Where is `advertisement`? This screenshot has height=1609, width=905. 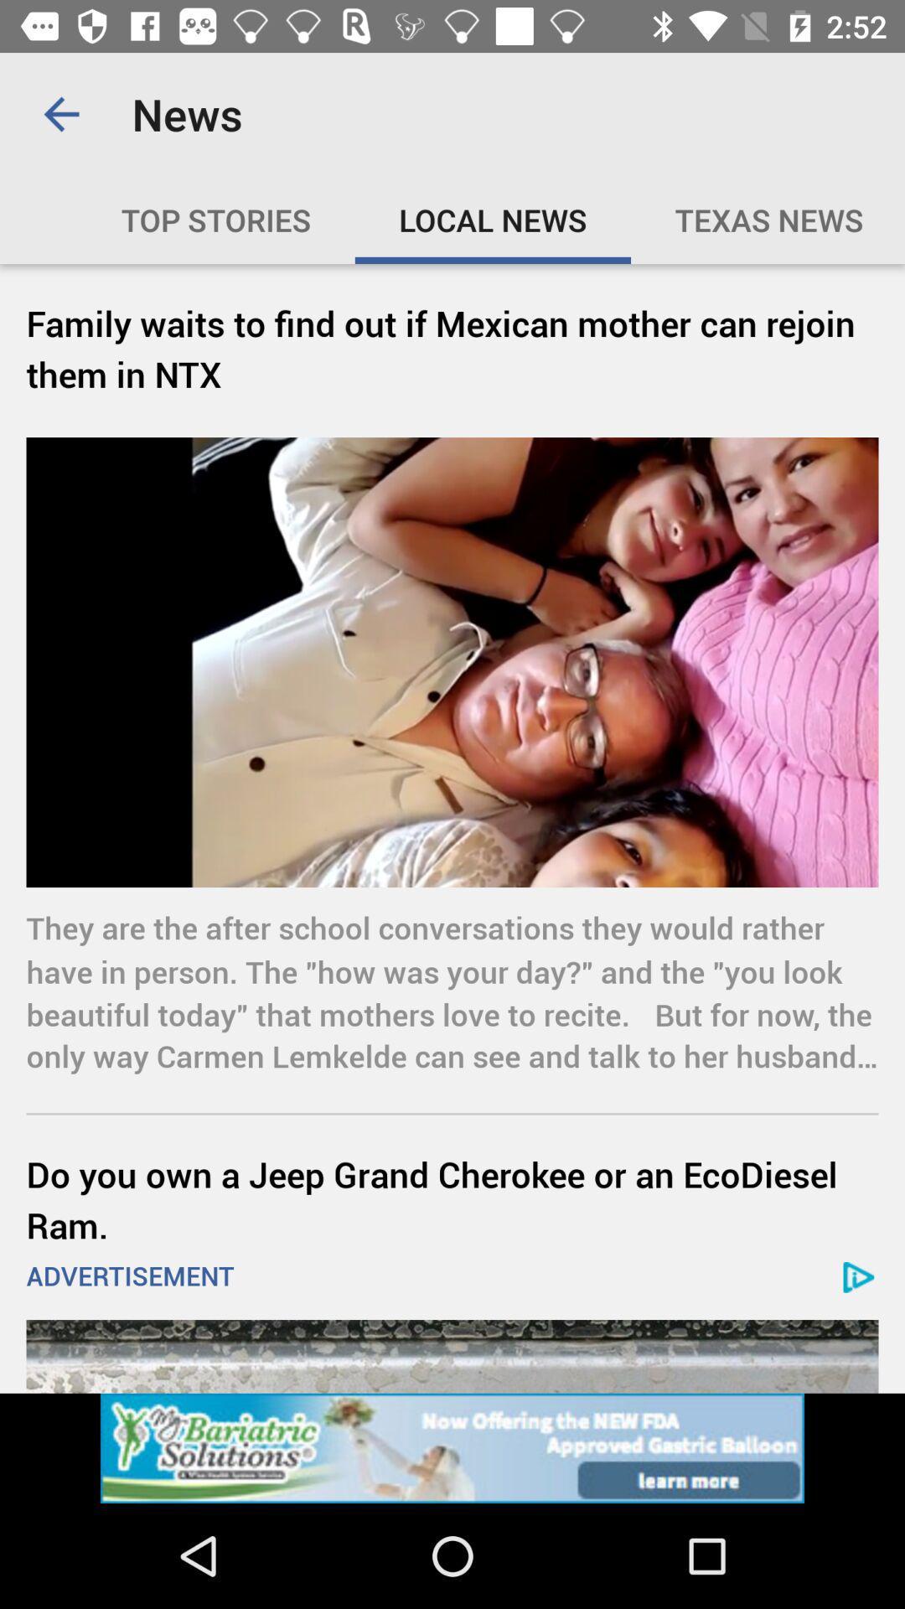 advertisement is located at coordinates (452, 1356).